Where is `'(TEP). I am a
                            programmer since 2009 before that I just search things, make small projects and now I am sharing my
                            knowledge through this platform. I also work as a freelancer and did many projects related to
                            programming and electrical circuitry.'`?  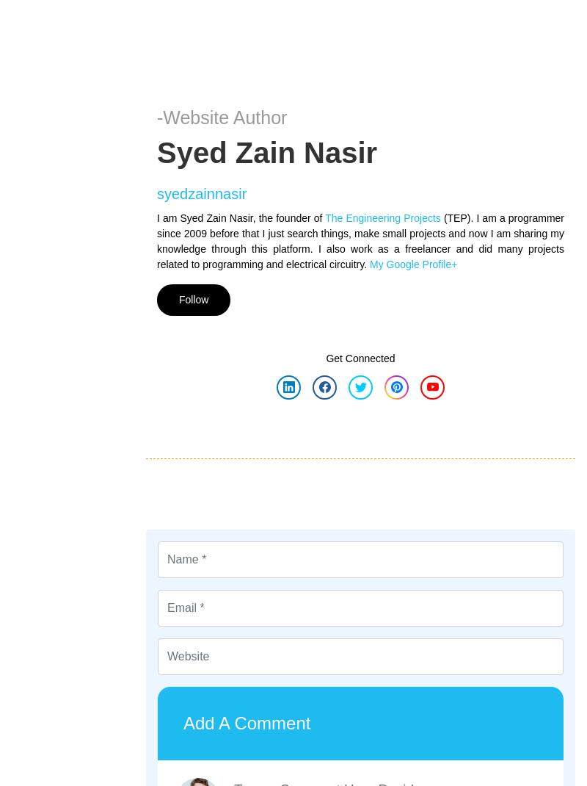 '(TEP). I am a
                            programmer since 2009 before that I just search things, make small projects and now I am sharing my
                            knowledge through this platform. I also work as a freelancer and did many projects related to
                            programming and electrical circuitry.' is located at coordinates (157, 240).